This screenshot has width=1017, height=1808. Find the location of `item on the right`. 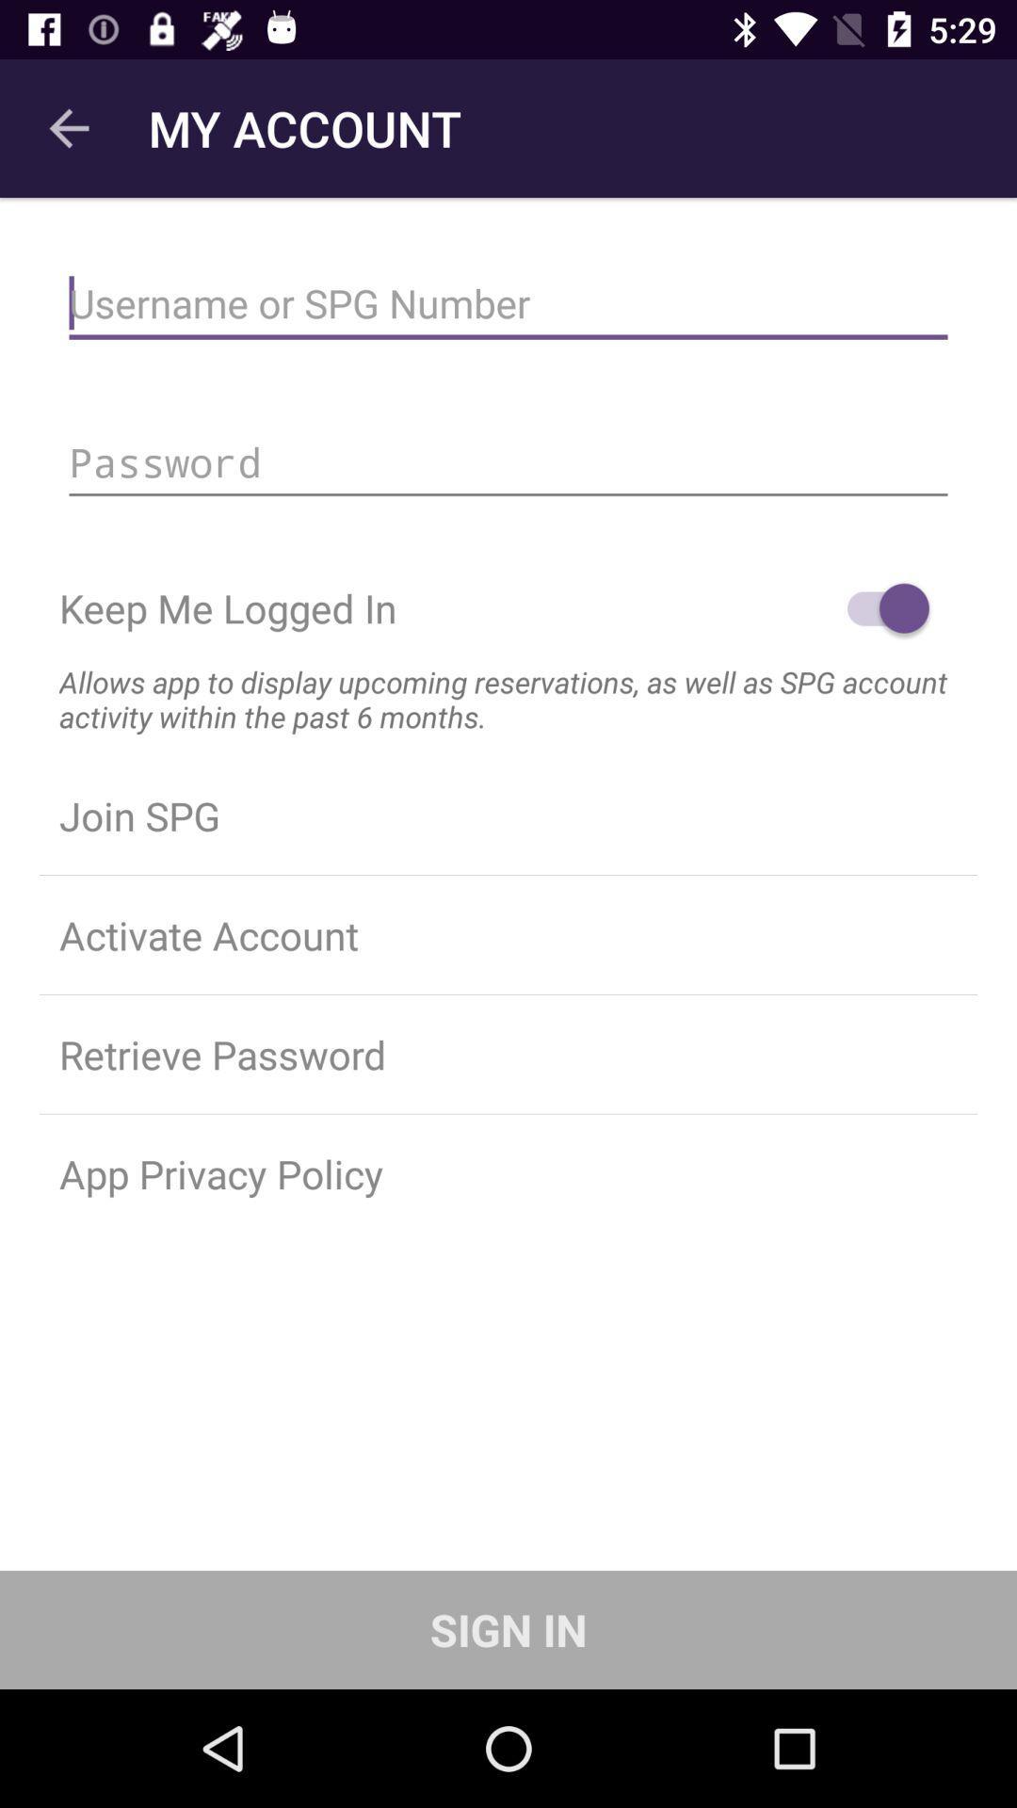

item on the right is located at coordinates (879, 608).